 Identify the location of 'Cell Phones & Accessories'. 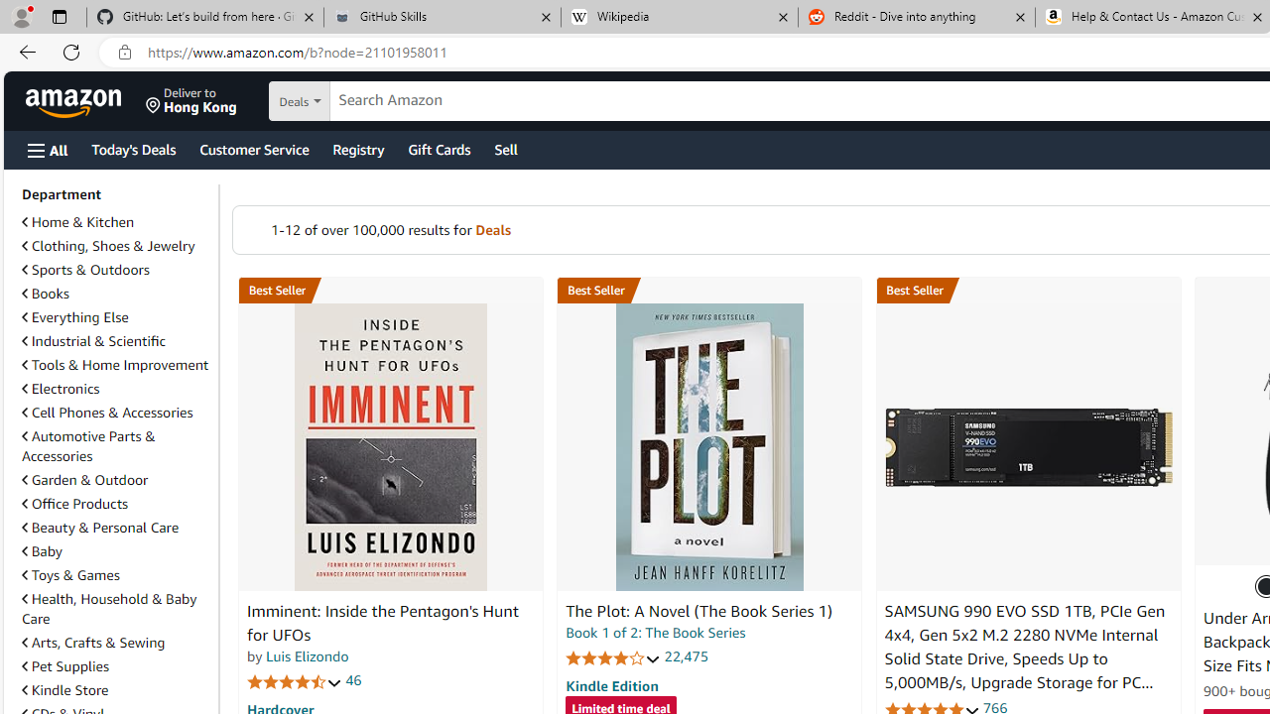
(115, 412).